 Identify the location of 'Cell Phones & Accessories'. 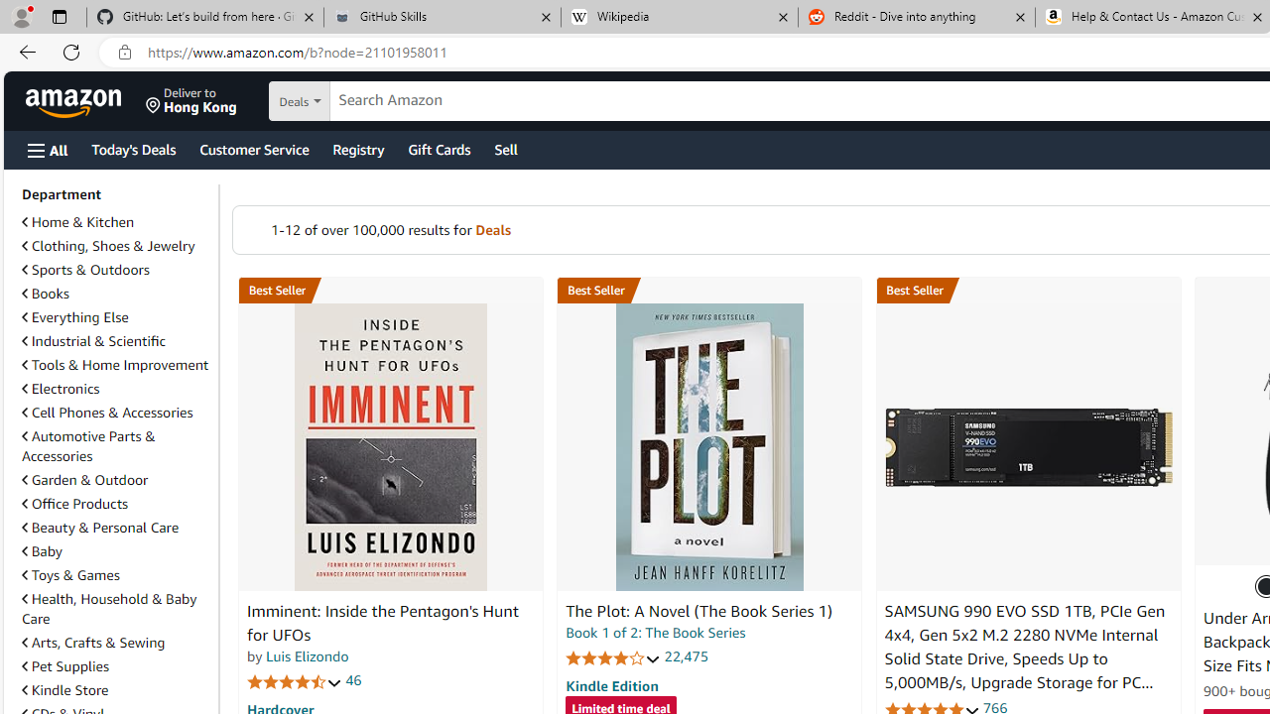
(115, 412).